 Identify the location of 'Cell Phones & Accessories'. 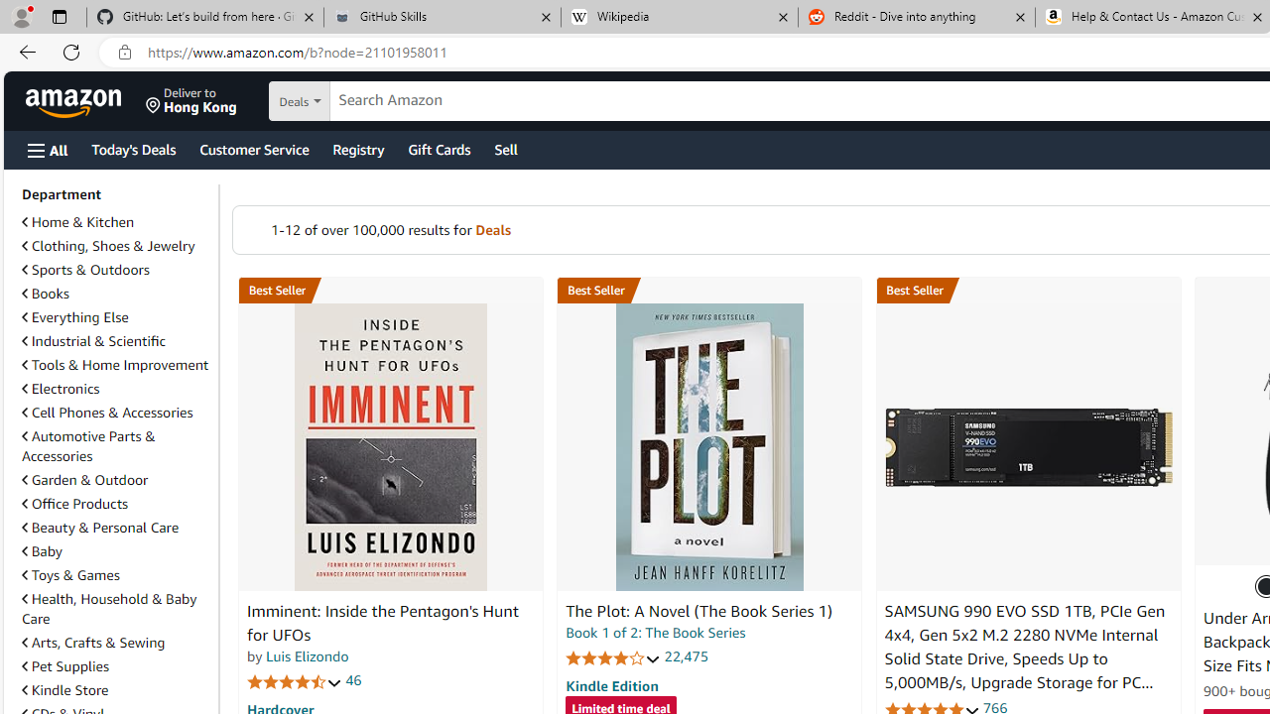
(115, 412).